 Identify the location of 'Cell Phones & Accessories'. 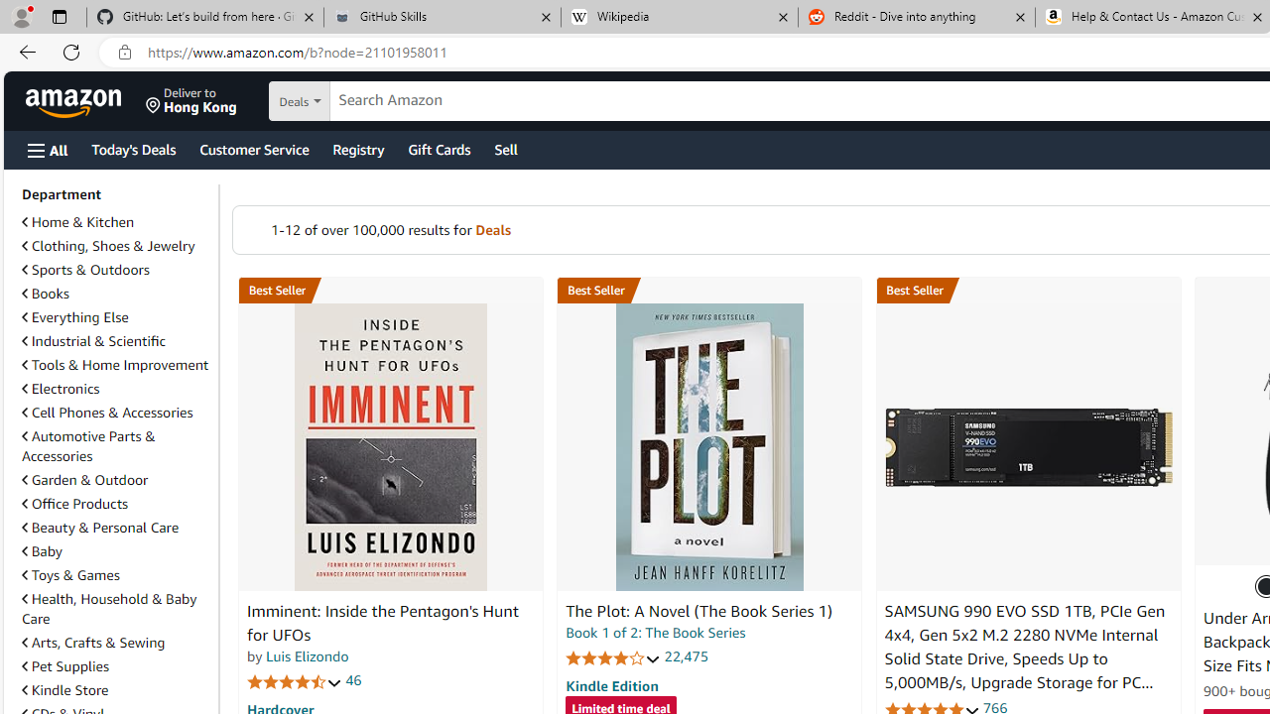
(115, 412).